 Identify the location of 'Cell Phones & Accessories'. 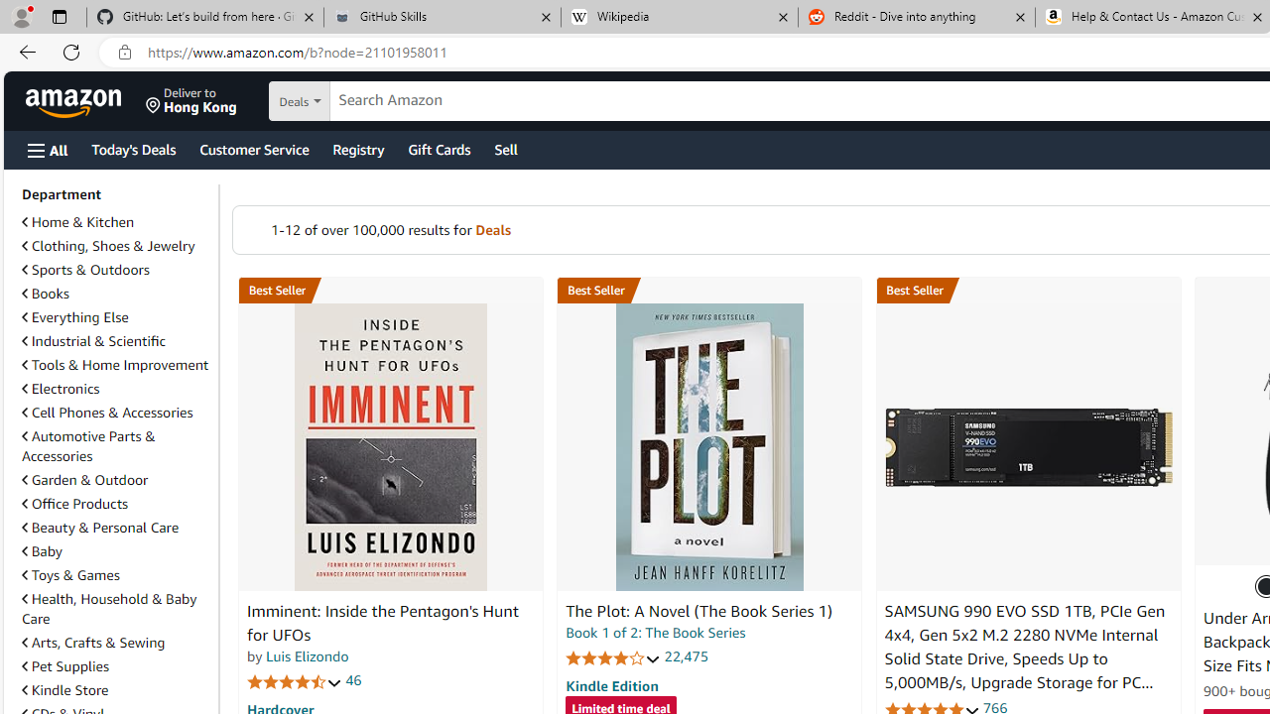
(115, 412).